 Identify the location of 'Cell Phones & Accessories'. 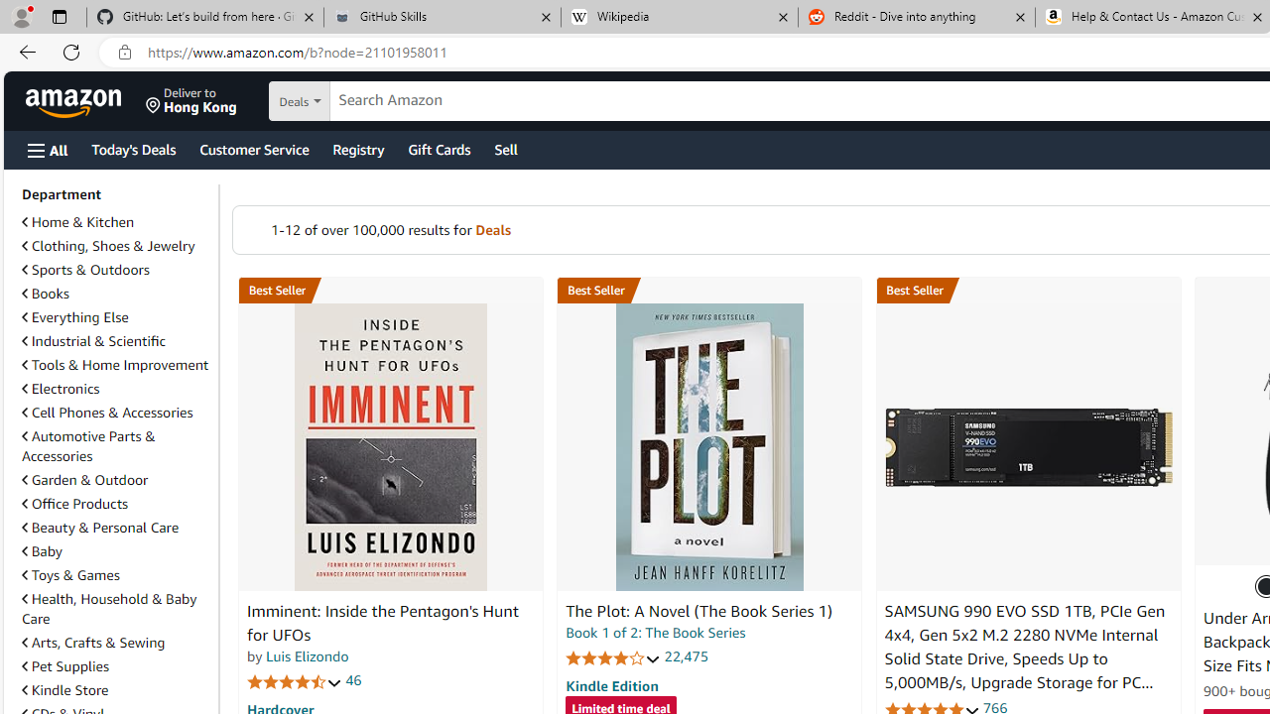
(115, 412).